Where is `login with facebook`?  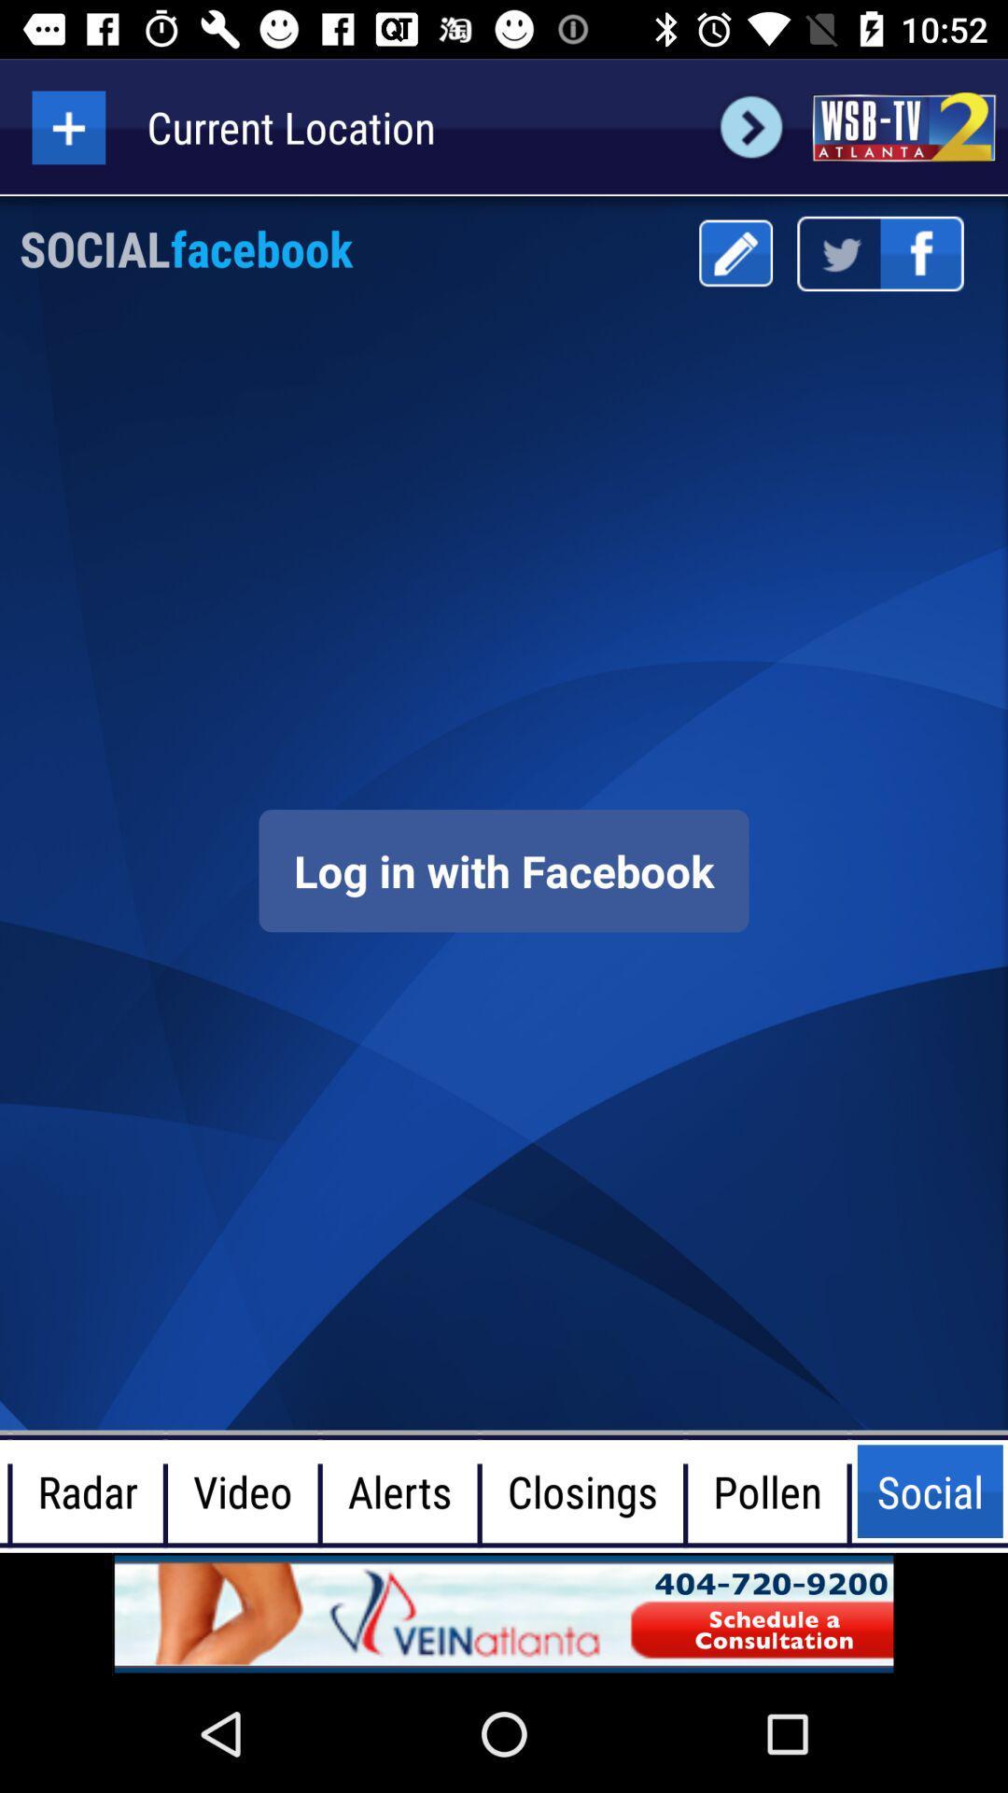
login with facebook is located at coordinates (504, 869).